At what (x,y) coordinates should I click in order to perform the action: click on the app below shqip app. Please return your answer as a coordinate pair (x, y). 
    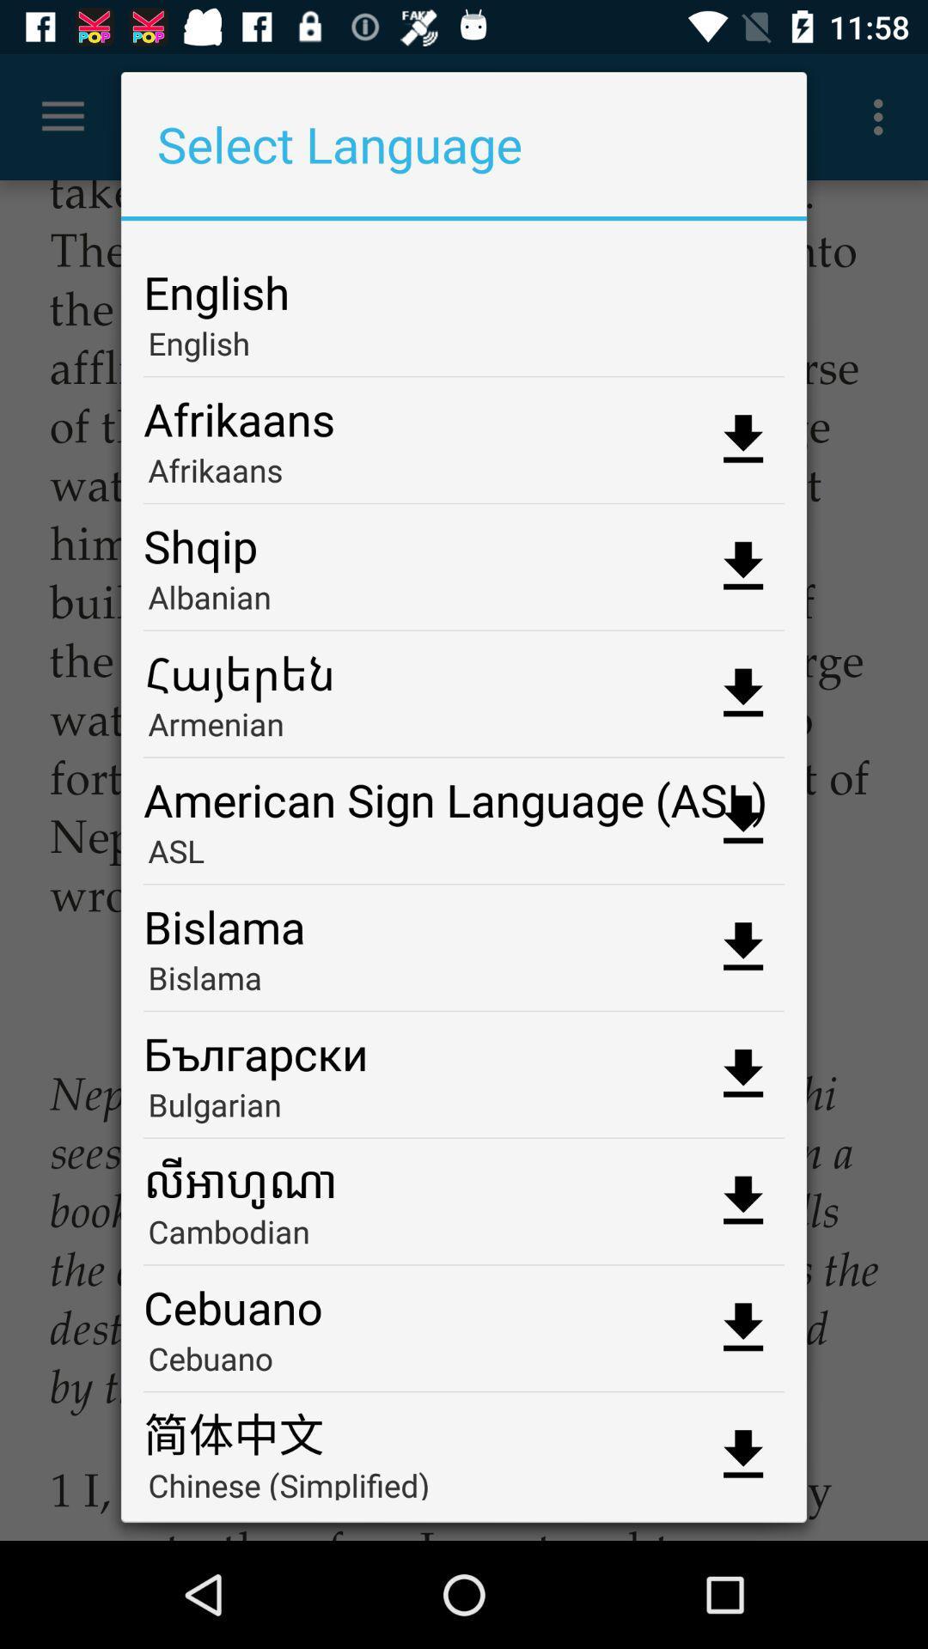
    Looking at the image, I should click on (464, 602).